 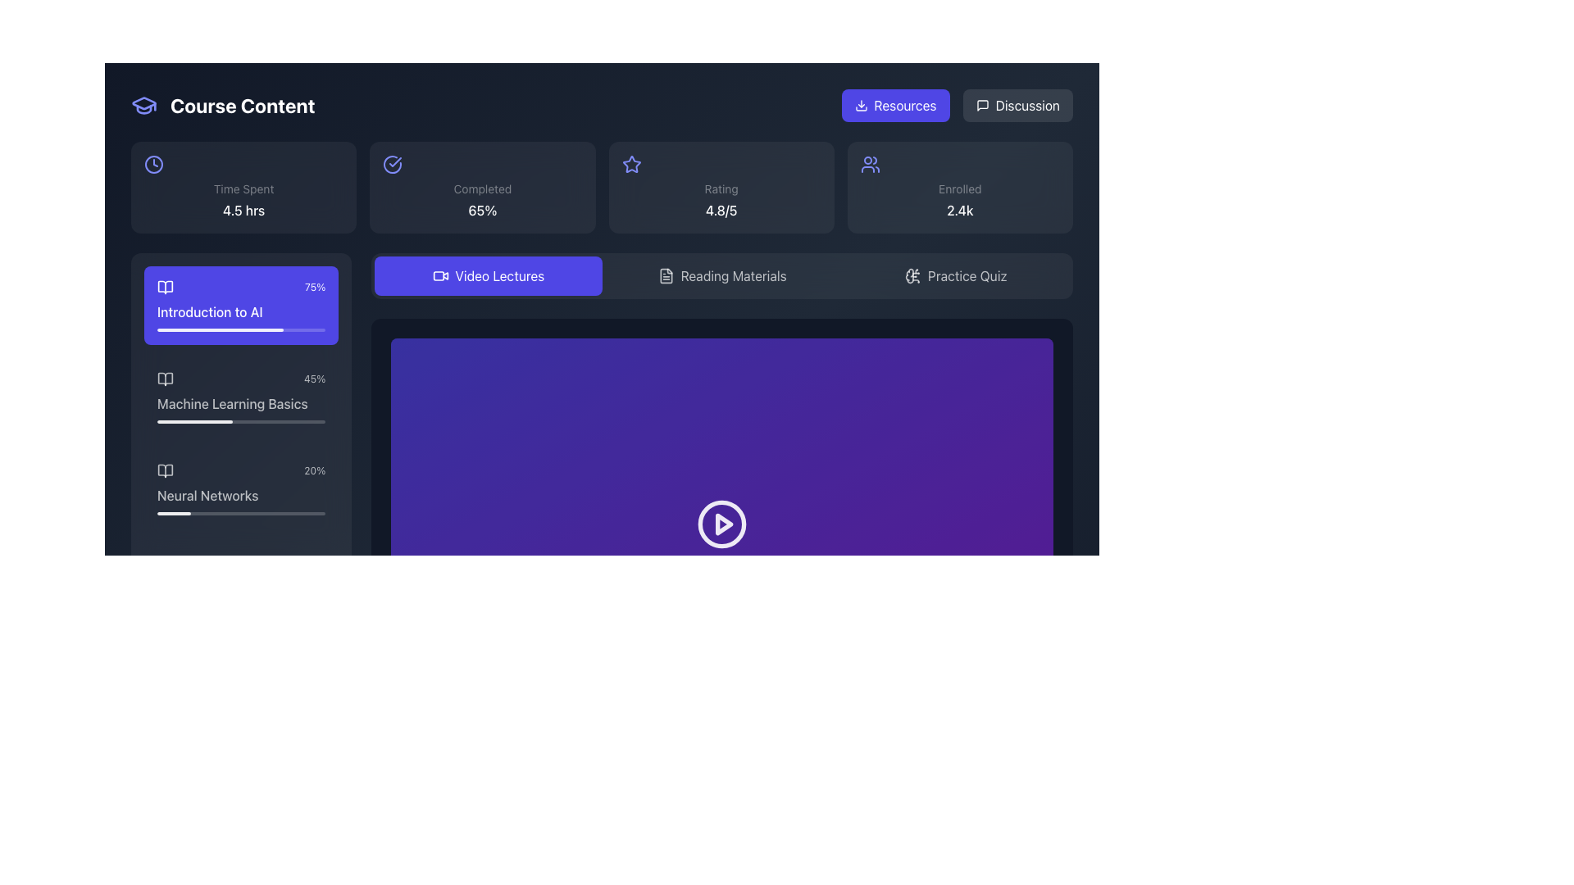 What do you see at coordinates (721, 188) in the screenshot?
I see `the 'Rating' text label, which is styled in light gray and positioned below the star icon in the rating section of the dashboard interface` at bounding box center [721, 188].